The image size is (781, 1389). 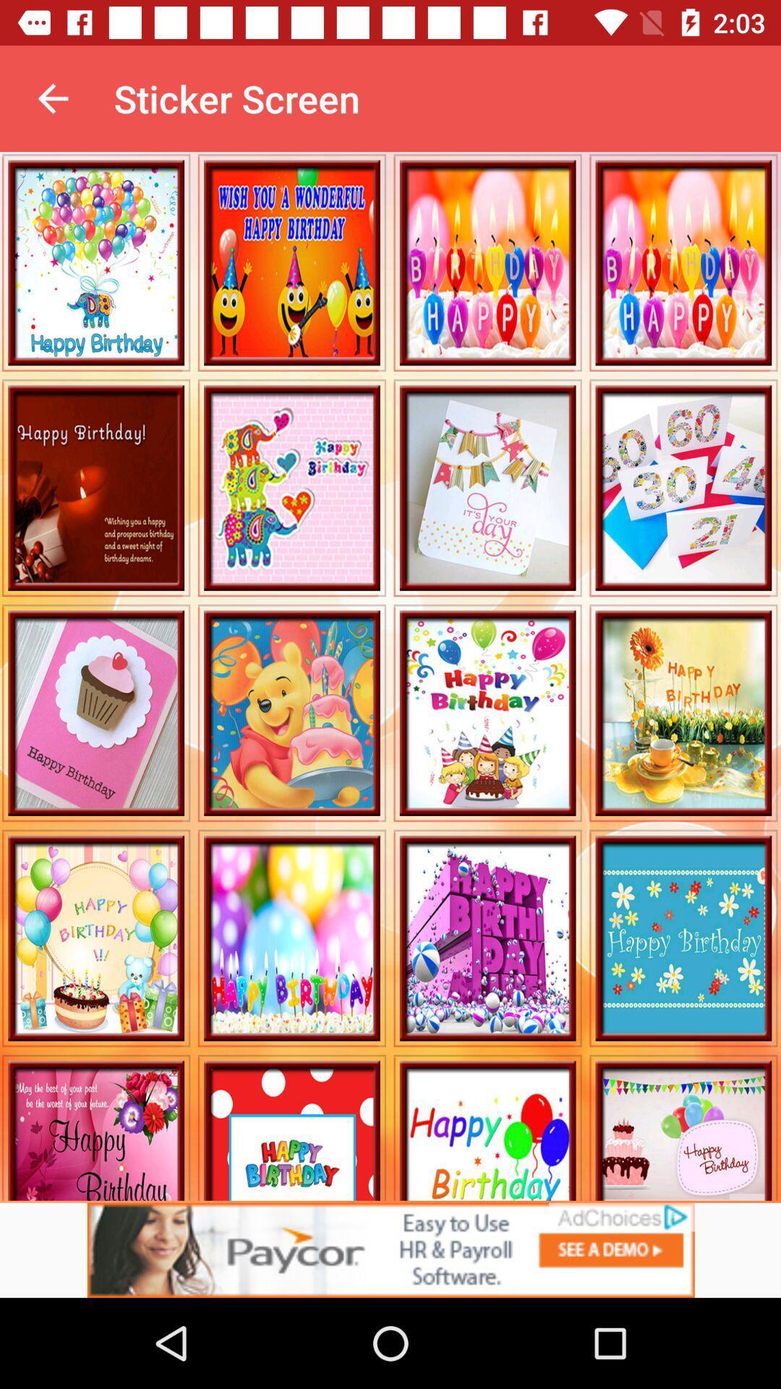 What do you see at coordinates (390, 1249) in the screenshot?
I see `advertisement` at bounding box center [390, 1249].